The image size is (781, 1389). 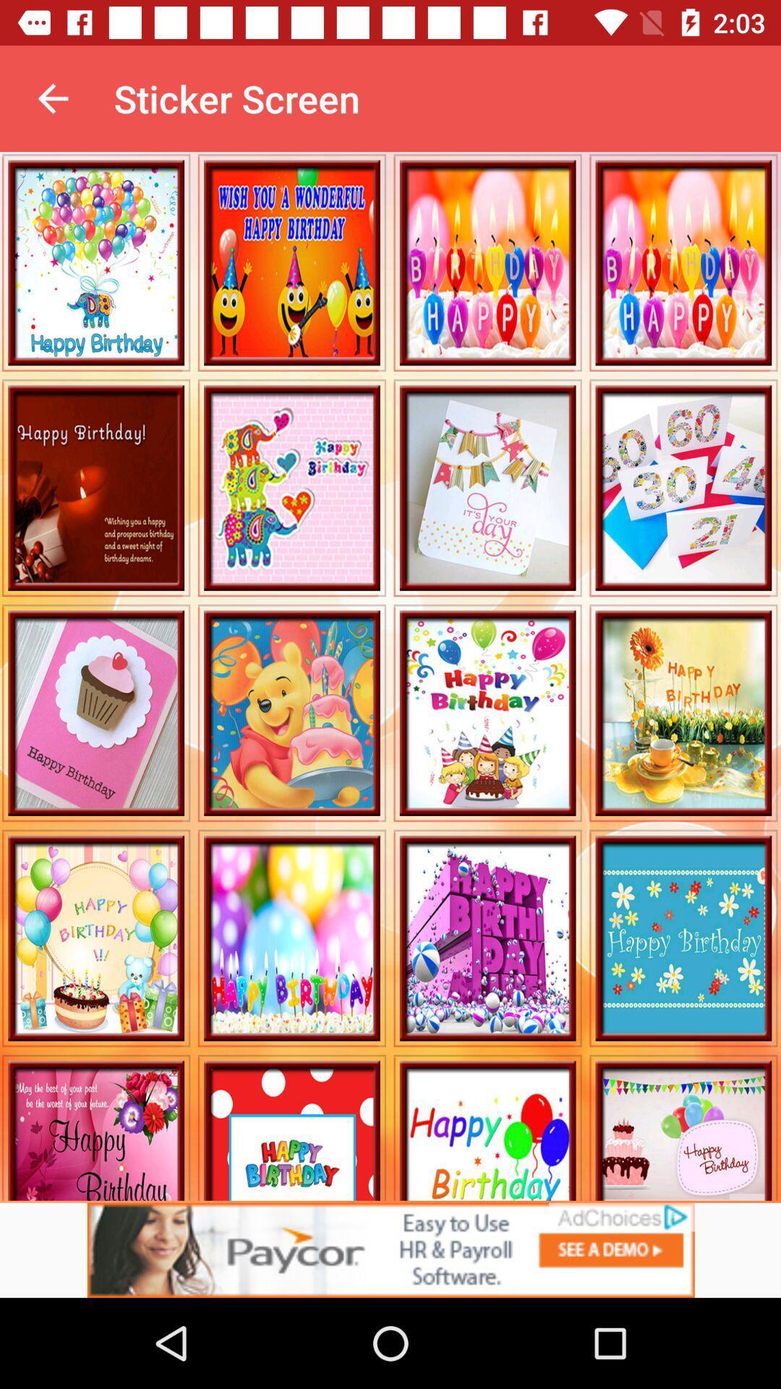 What do you see at coordinates (390, 1249) in the screenshot?
I see `advertisement` at bounding box center [390, 1249].